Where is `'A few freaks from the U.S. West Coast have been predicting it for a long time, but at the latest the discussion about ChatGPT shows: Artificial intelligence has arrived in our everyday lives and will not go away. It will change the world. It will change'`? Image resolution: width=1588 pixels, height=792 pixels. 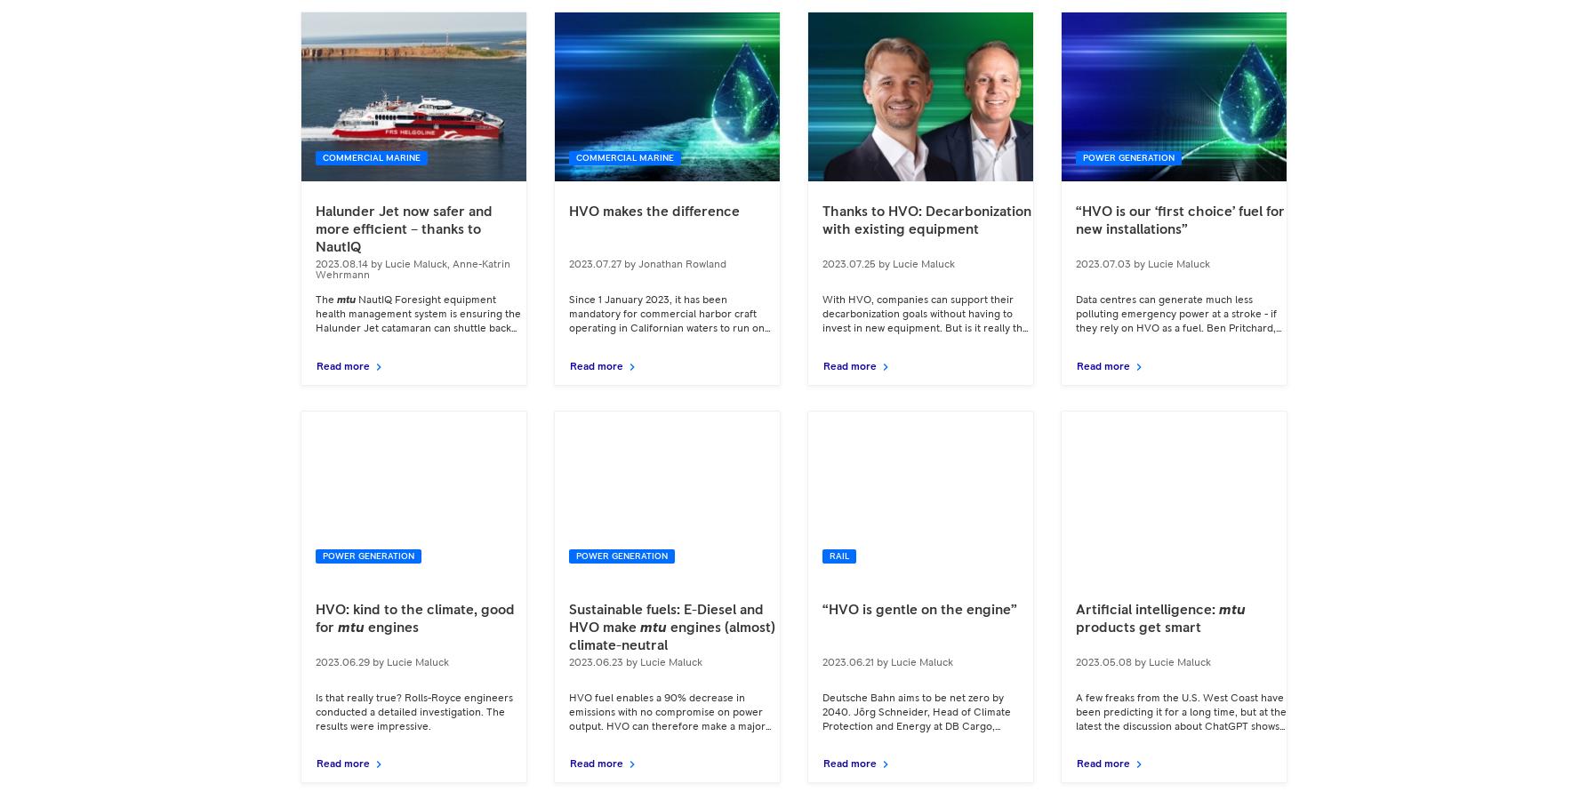
'A few freaks from the U.S. West Coast have been predicting it for a long time, but at the latest the discussion about ChatGPT shows: Artificial intelligence has arrived in our everyday lives and will not go away. It will change the world. It will change' is located at coordinates (1181, 732).